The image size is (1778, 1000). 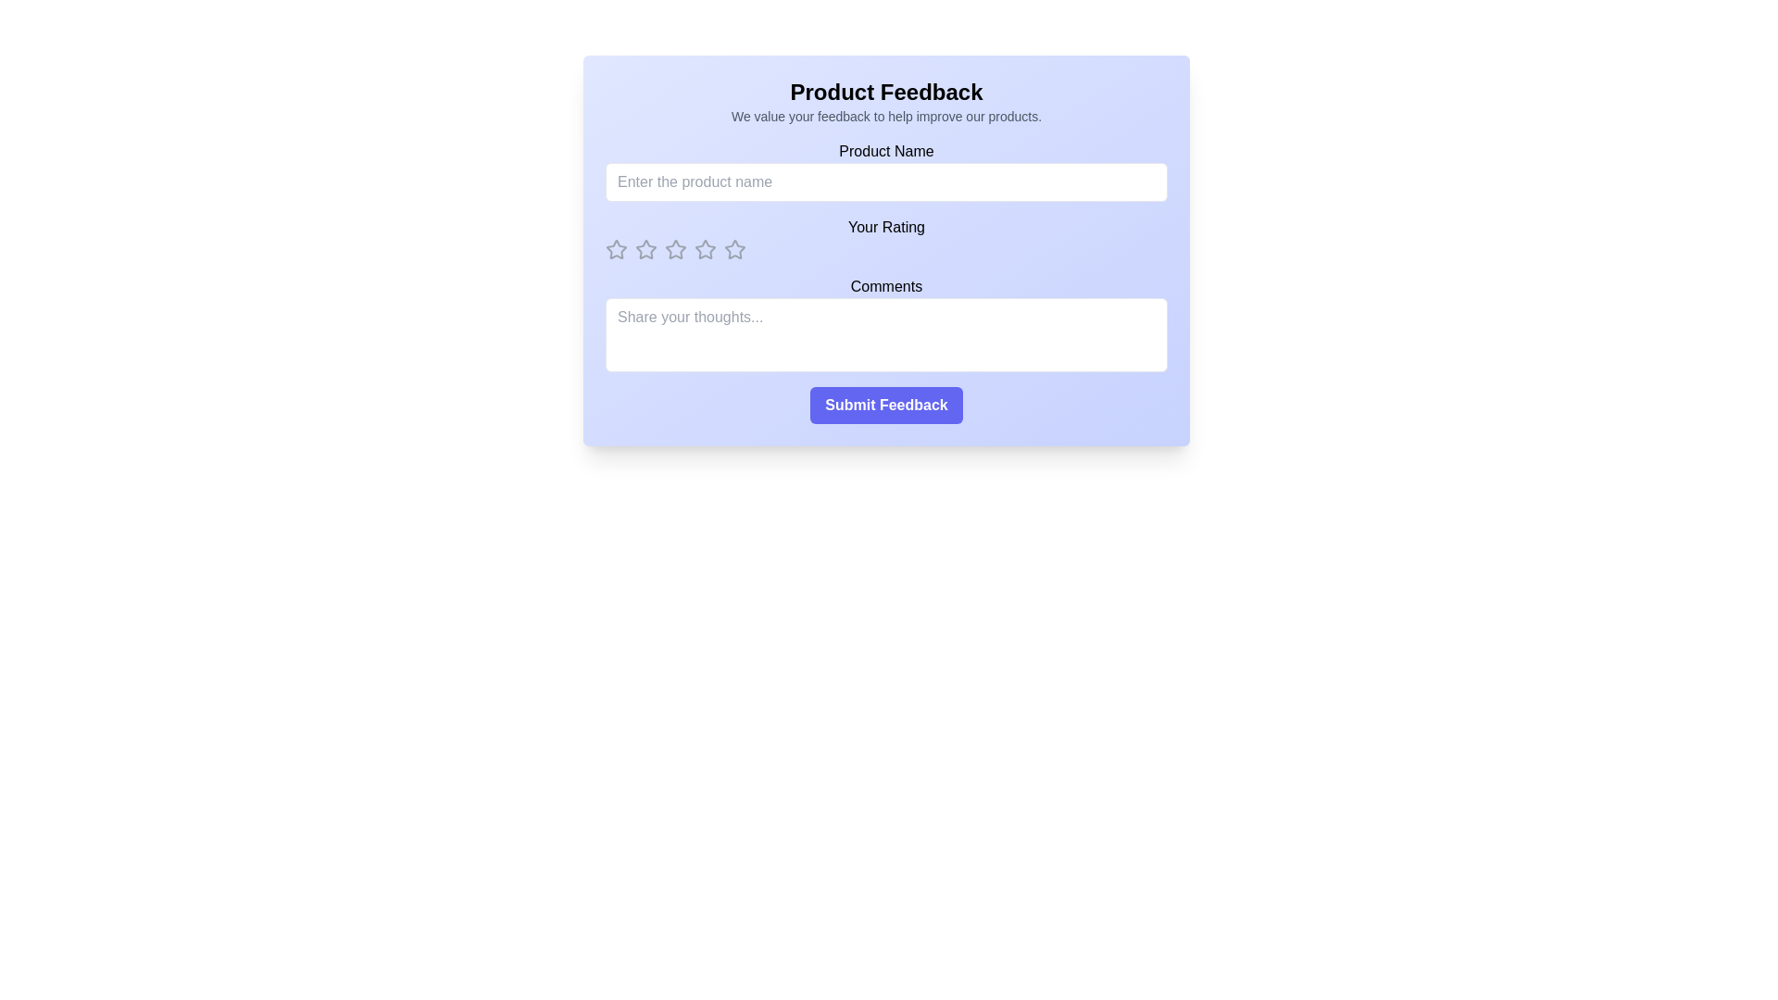 What do you see at coordinates (674, 248) in the screenshot?
I see `the third star in the horizontal row of five interactive rating stars in the 'Your Rating' section` at bounding box center [674, 248].